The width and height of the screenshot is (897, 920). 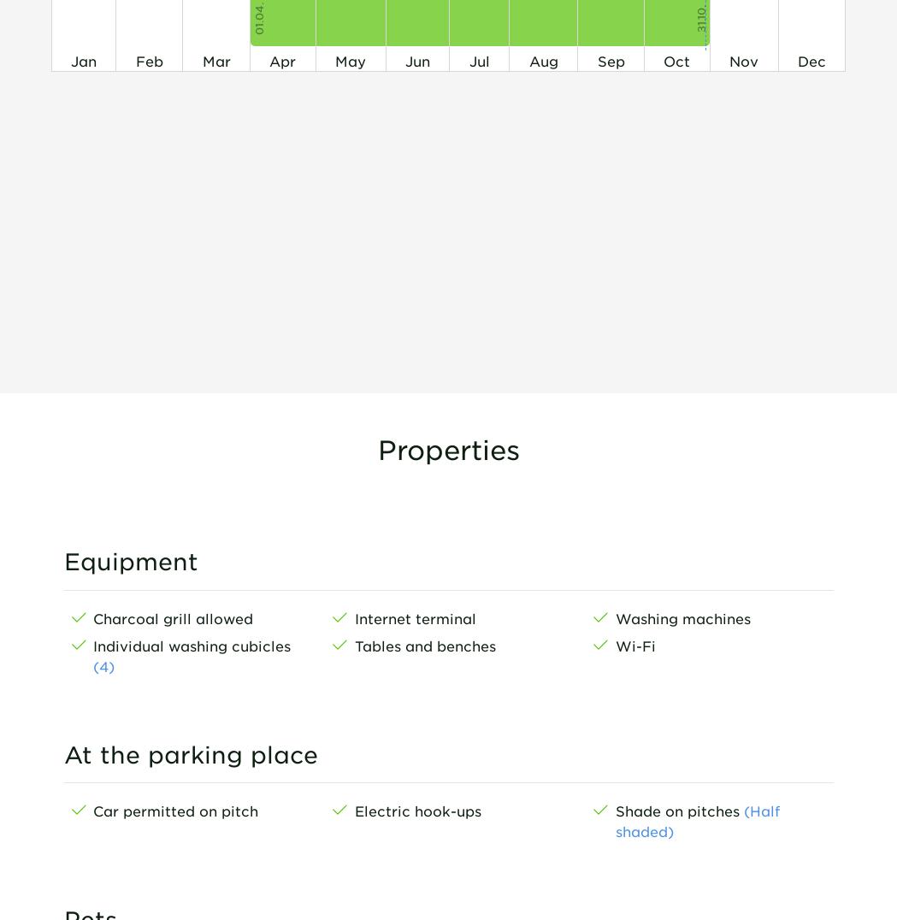 What do you see at coordinates (192, 643) in the screenshot?
I see `'Individual washing cubicles'` at bounding box center [192, 643].